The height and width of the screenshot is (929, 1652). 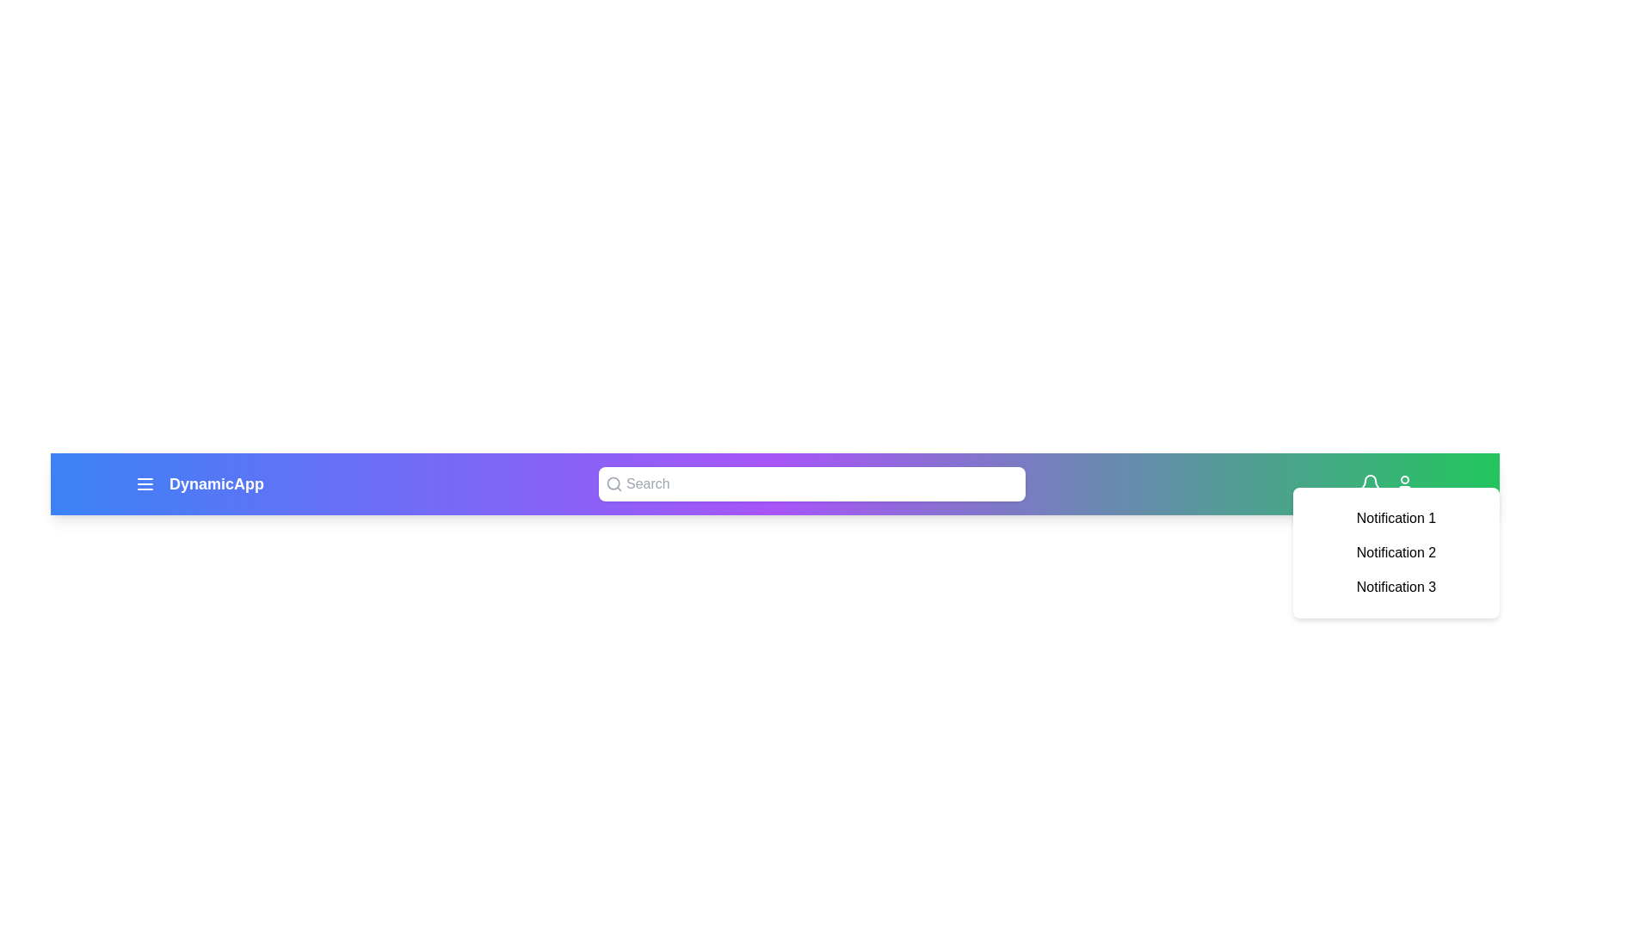 I want to click on the menu icon to toggle the navigation menu, so click(x=145, y=484).